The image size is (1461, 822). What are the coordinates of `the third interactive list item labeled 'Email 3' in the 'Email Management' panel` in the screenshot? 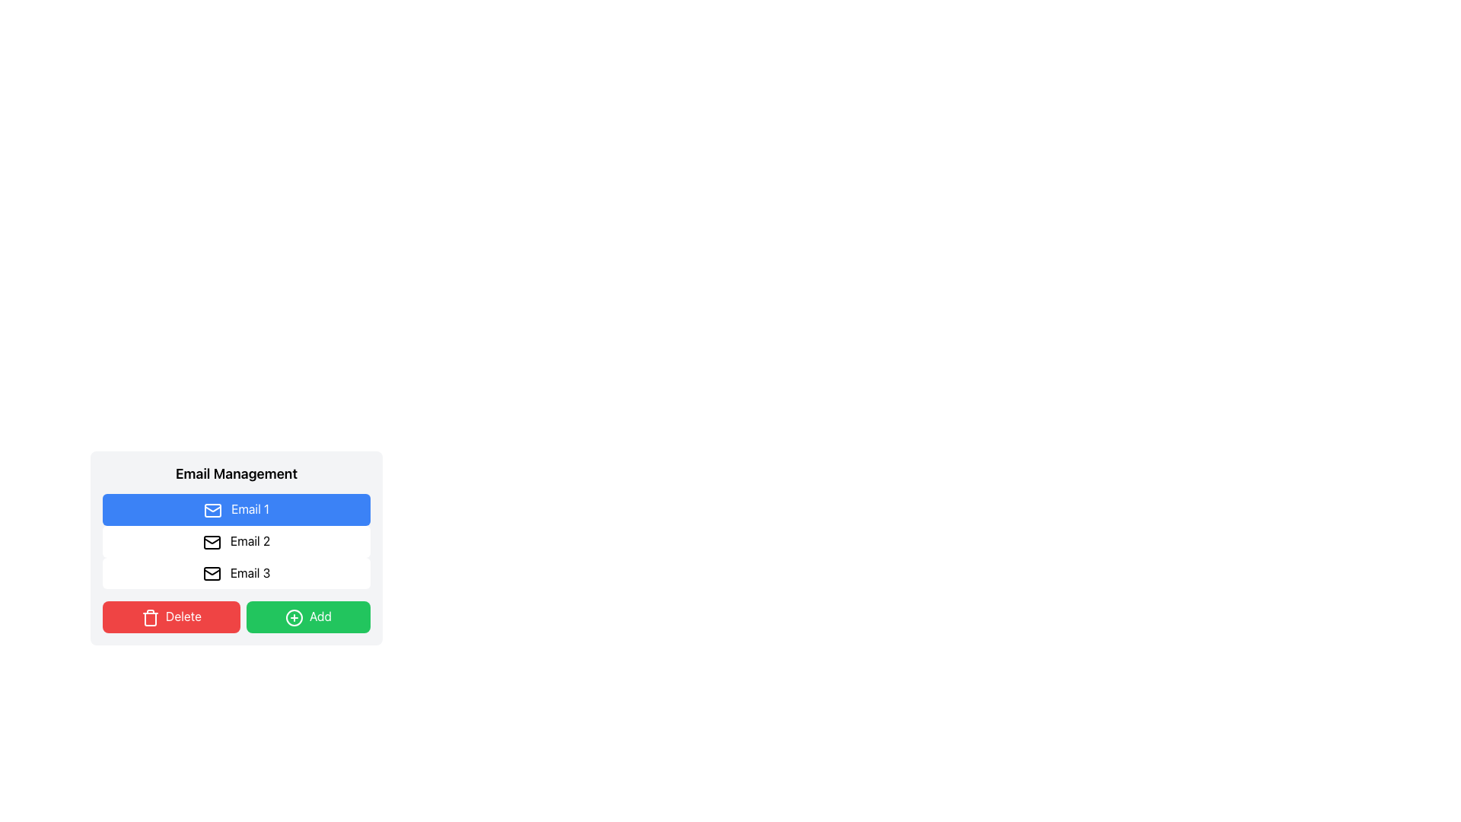 It's located at (236, 572).